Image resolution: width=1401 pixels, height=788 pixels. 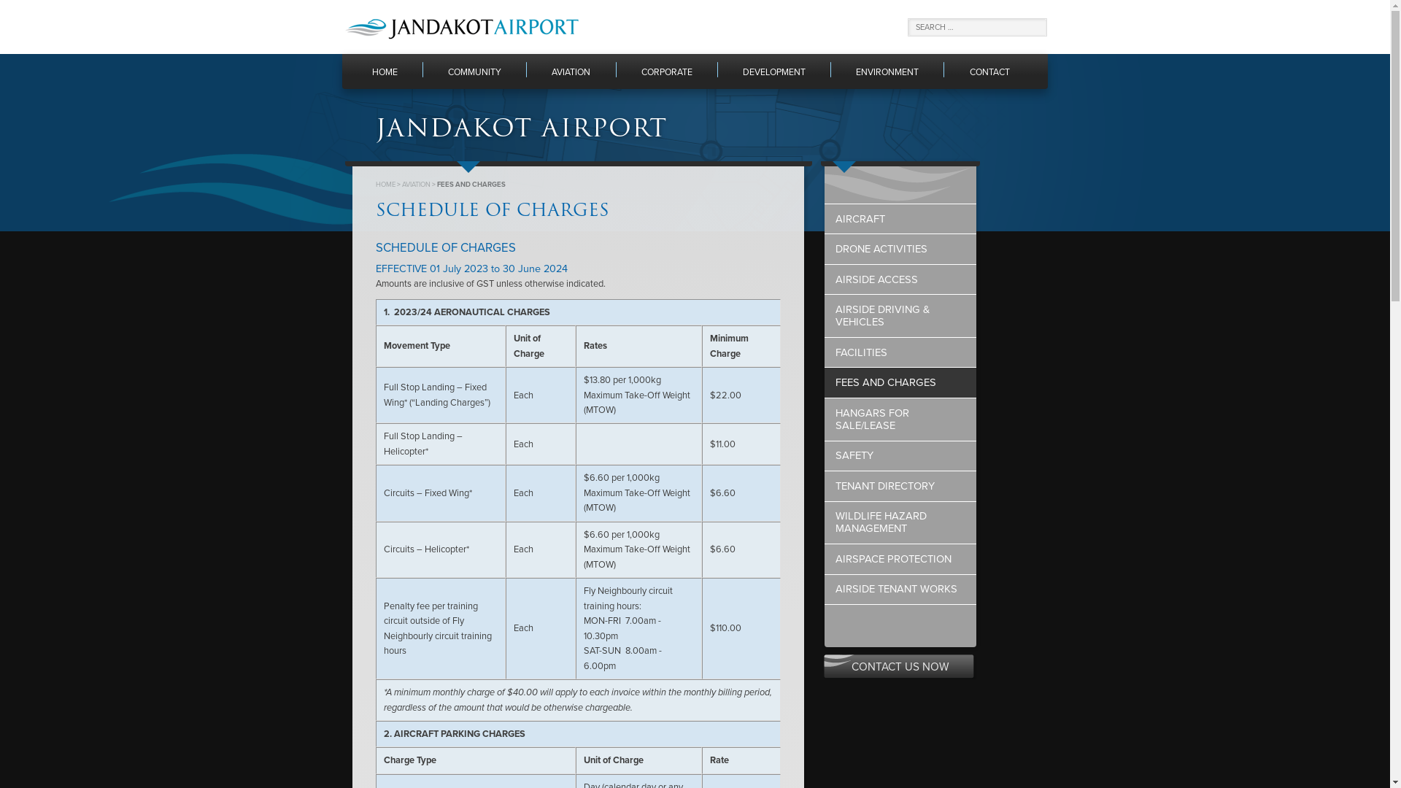 What do you see at coordinates (474, 71) in the screenshot?
I see `'COMMUNITY'` at bounding box center [474, 71].